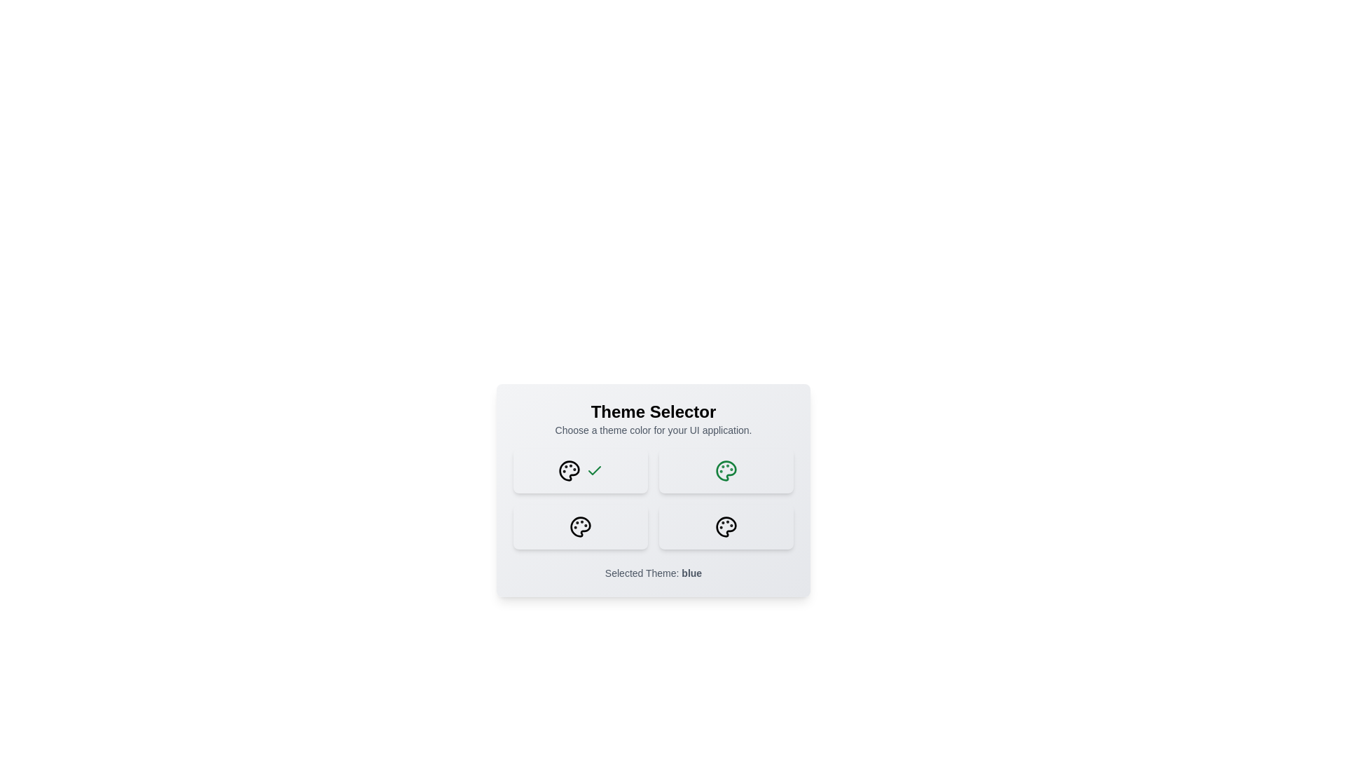 This screenshot has width=1345, height=757. Describe the element at coordinates (726, 470) in the screenshot. I see `the button with the color green` at that location.